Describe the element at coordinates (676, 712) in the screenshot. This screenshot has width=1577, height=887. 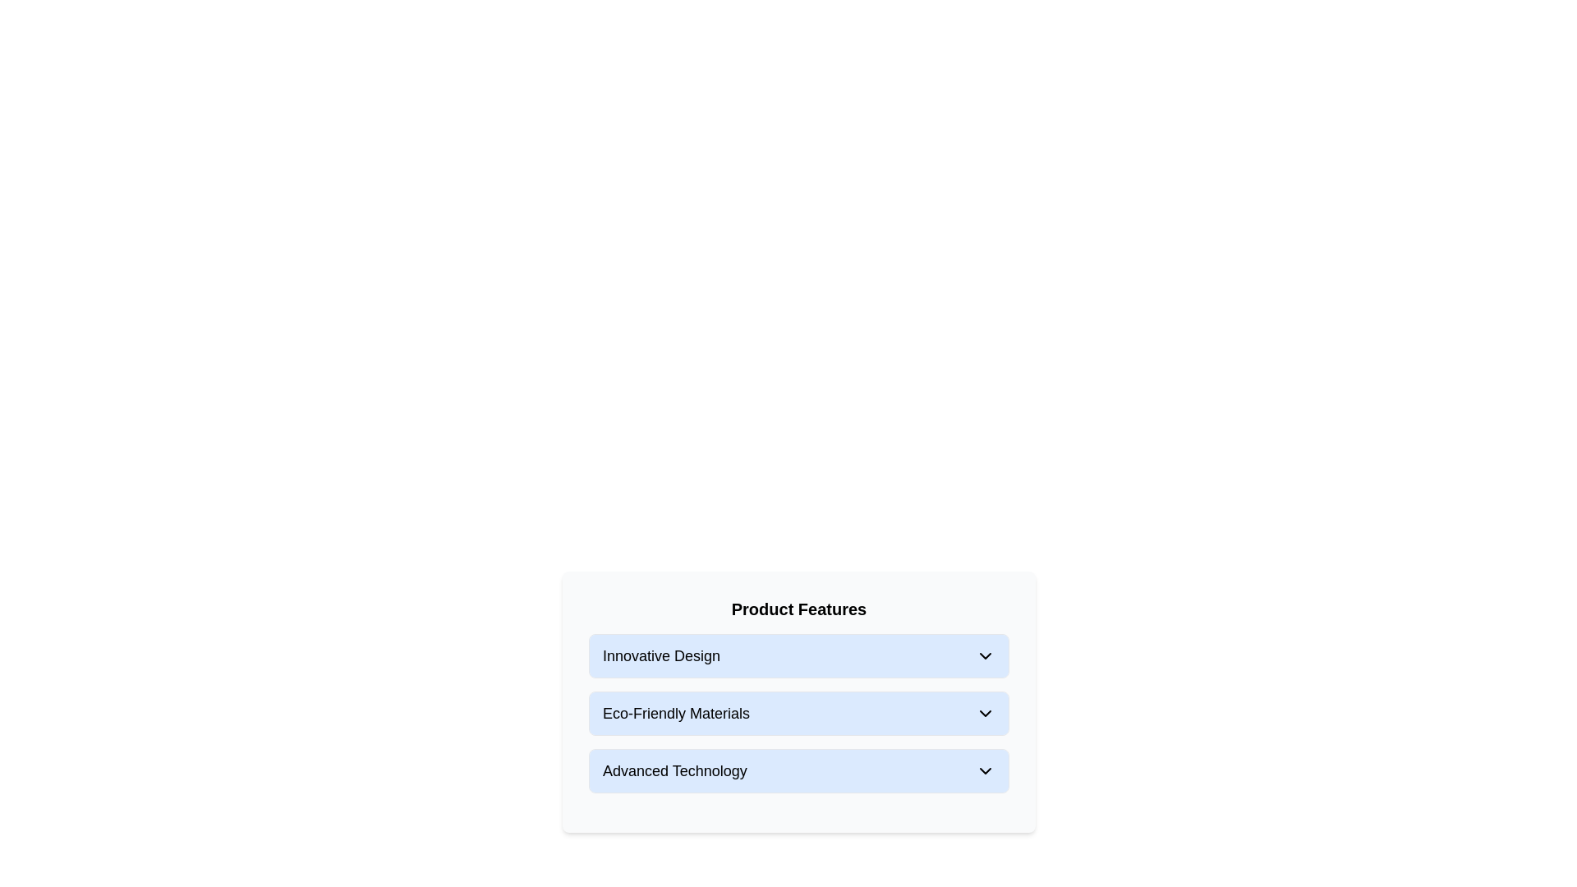
I see `the label indicating eco-friendly materials, which is positioned between 'Innovative Design' and 'Advanced Technology' in the interface` at that location.